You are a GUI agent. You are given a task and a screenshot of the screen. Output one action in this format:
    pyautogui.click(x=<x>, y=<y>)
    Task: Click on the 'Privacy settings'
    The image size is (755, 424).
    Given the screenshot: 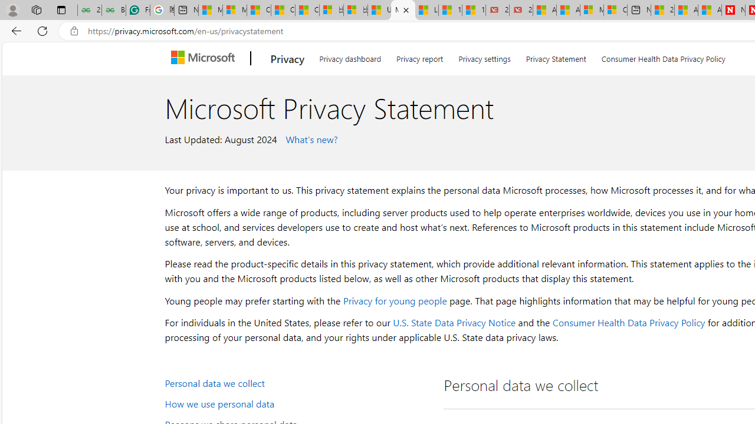 What is the action you would take?
    pyautogui.click(x=484, y=57)
    